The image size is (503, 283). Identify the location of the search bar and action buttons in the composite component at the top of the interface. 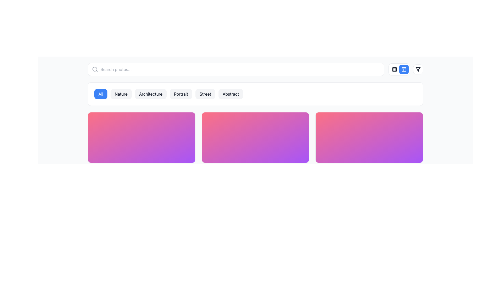
(255, 69).